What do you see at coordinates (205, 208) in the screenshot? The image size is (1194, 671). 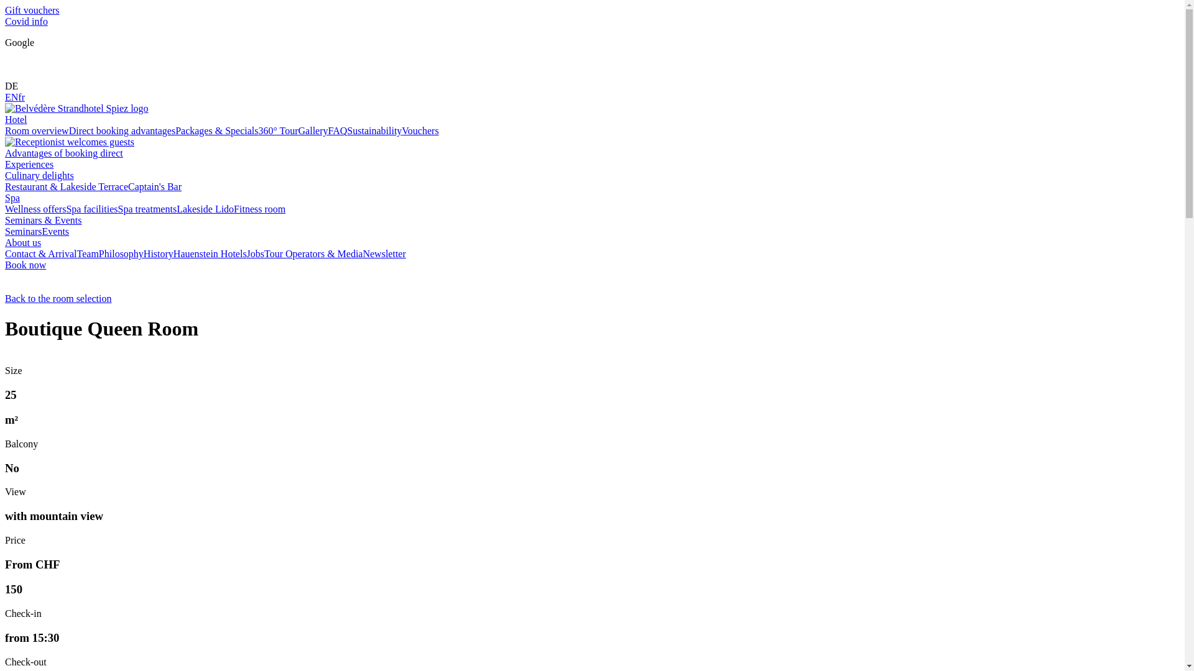 I see `'Lakeside Lido'` at bounding box center [205, 208].